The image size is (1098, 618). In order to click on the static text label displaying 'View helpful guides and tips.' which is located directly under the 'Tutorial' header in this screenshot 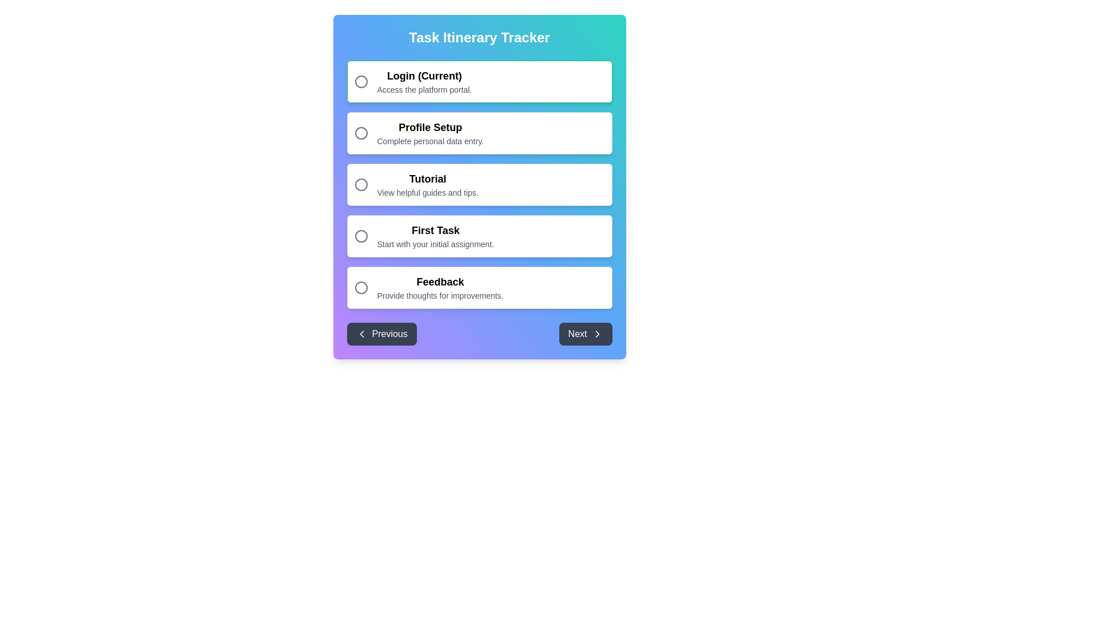, I will do `click(427, 192)`.